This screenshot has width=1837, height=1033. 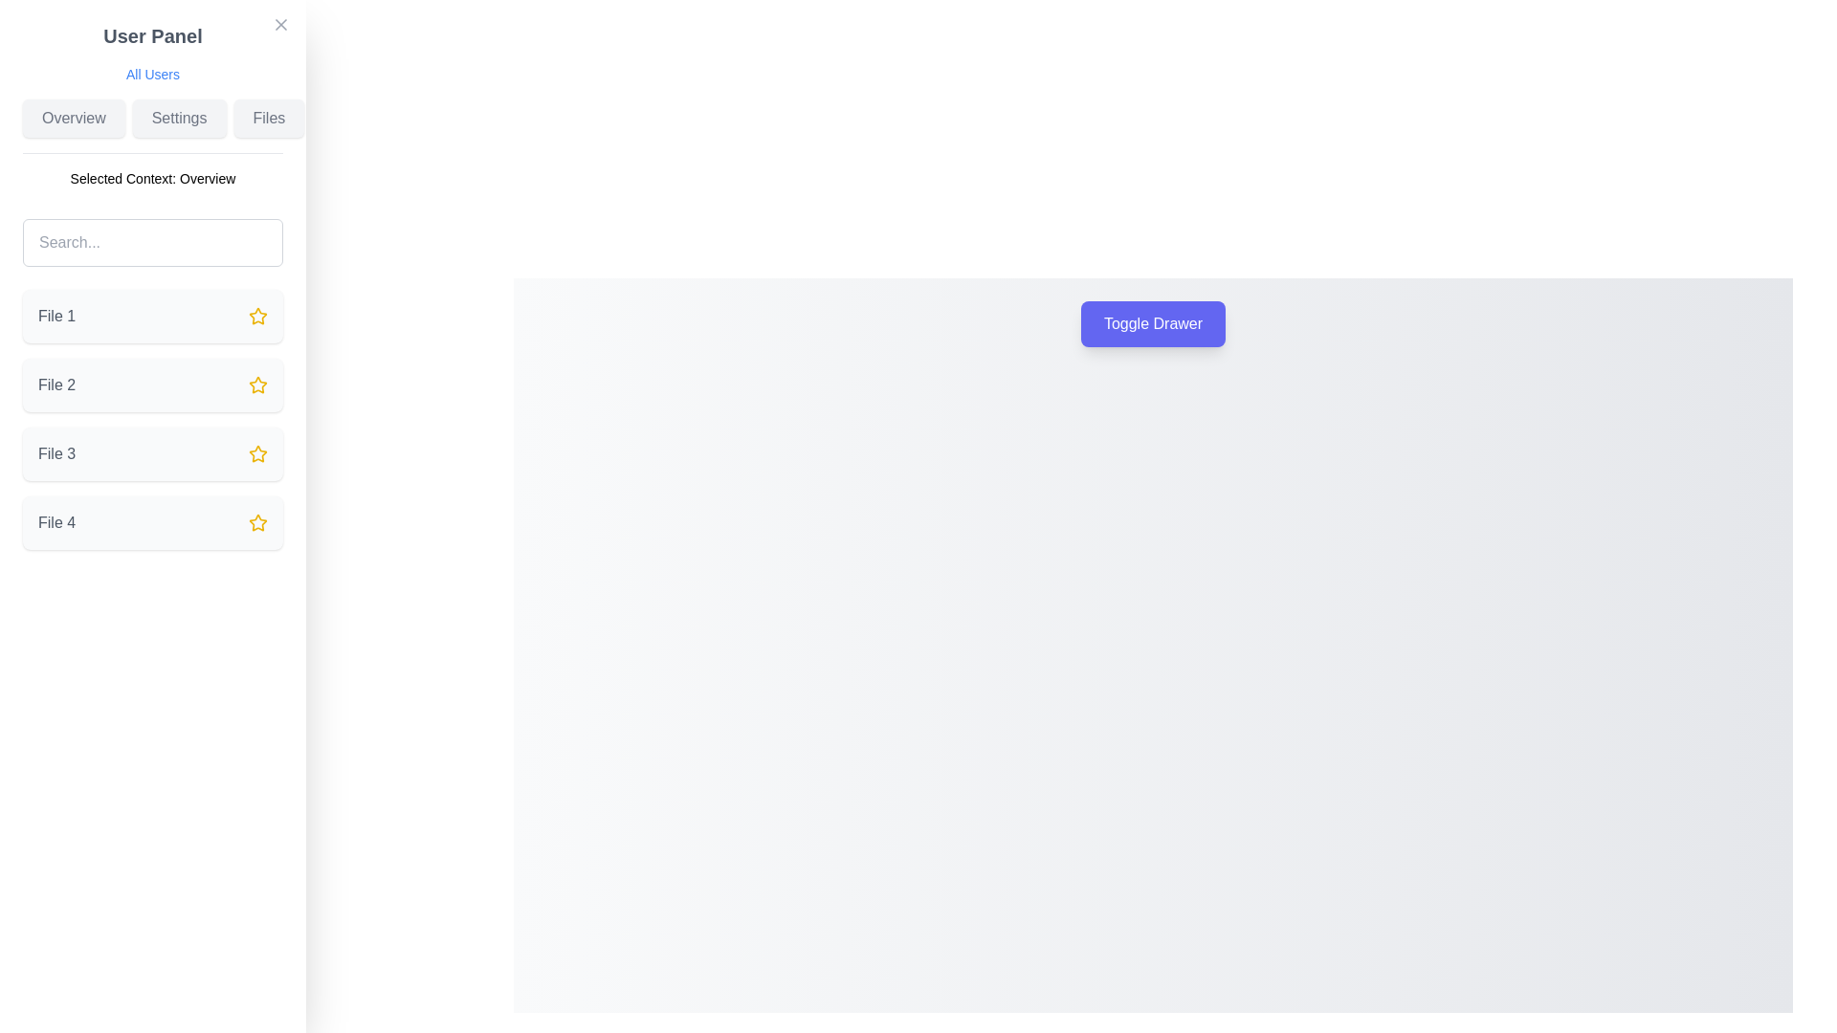 I want to click on the star-shaped icon with a yellow outline that is positioned next to the text 'File 1', so click(x=256, y=316).